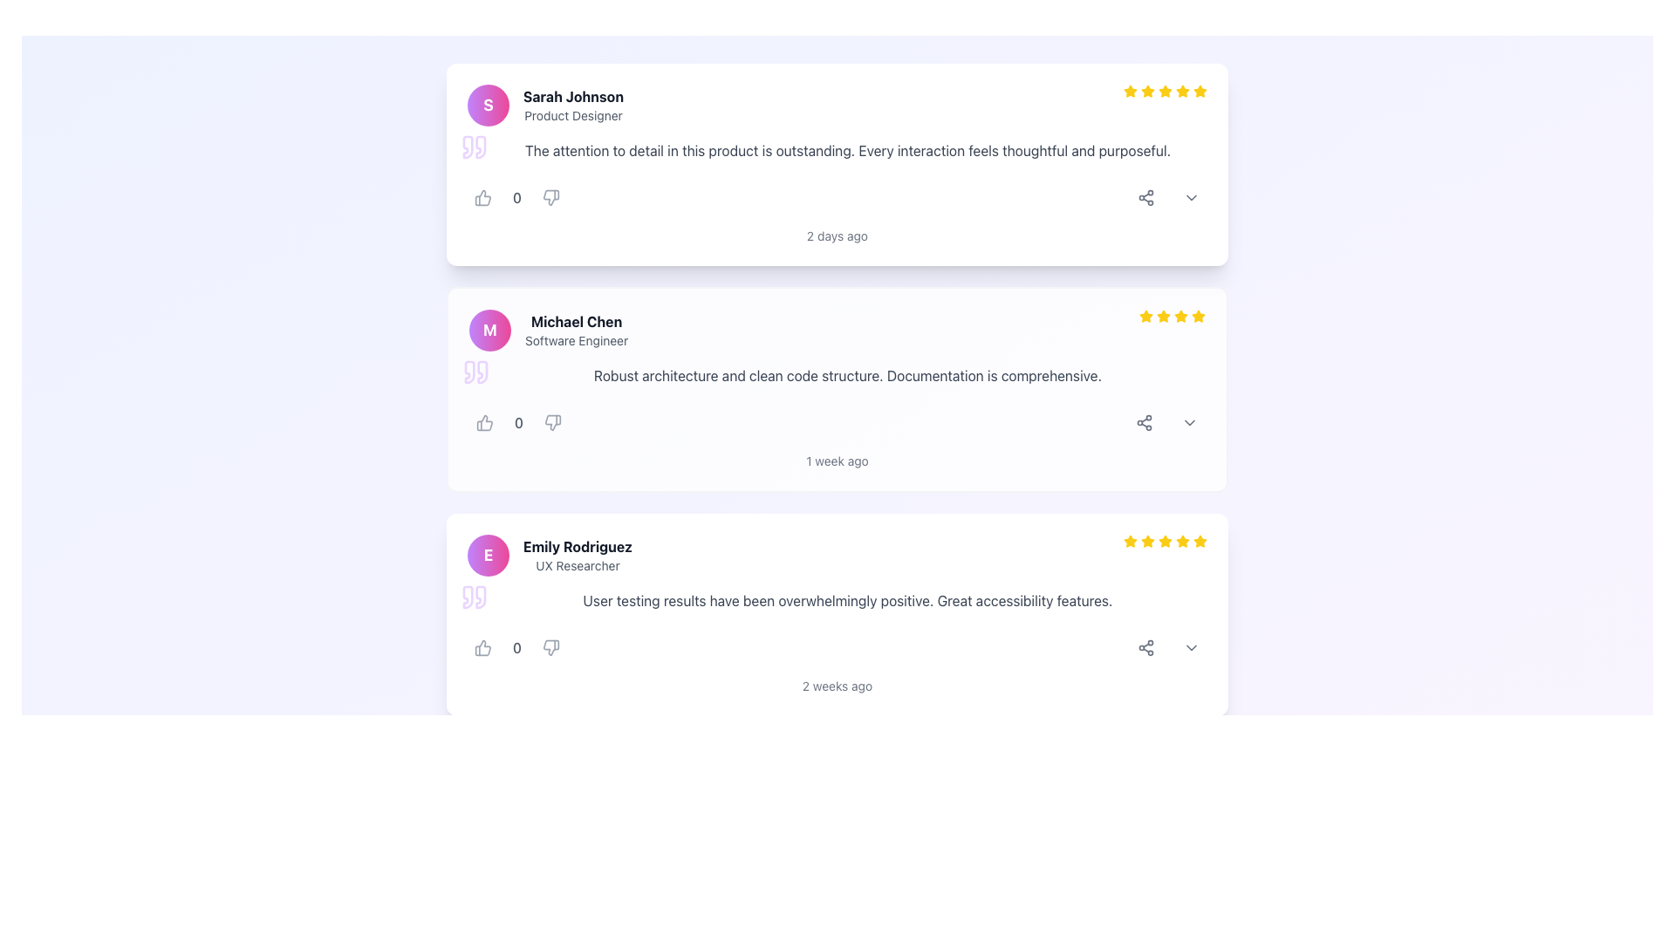 This screenshot has height=942, width=1675. What do you see at coordinates (578, 565) in the screenshot?
I see `the static text label that indicates the professional title 'UX Researcher' associated with the user 'Emily Rodriguez', located directly below the bold text in the user review card` at bounding box center [578, 565].